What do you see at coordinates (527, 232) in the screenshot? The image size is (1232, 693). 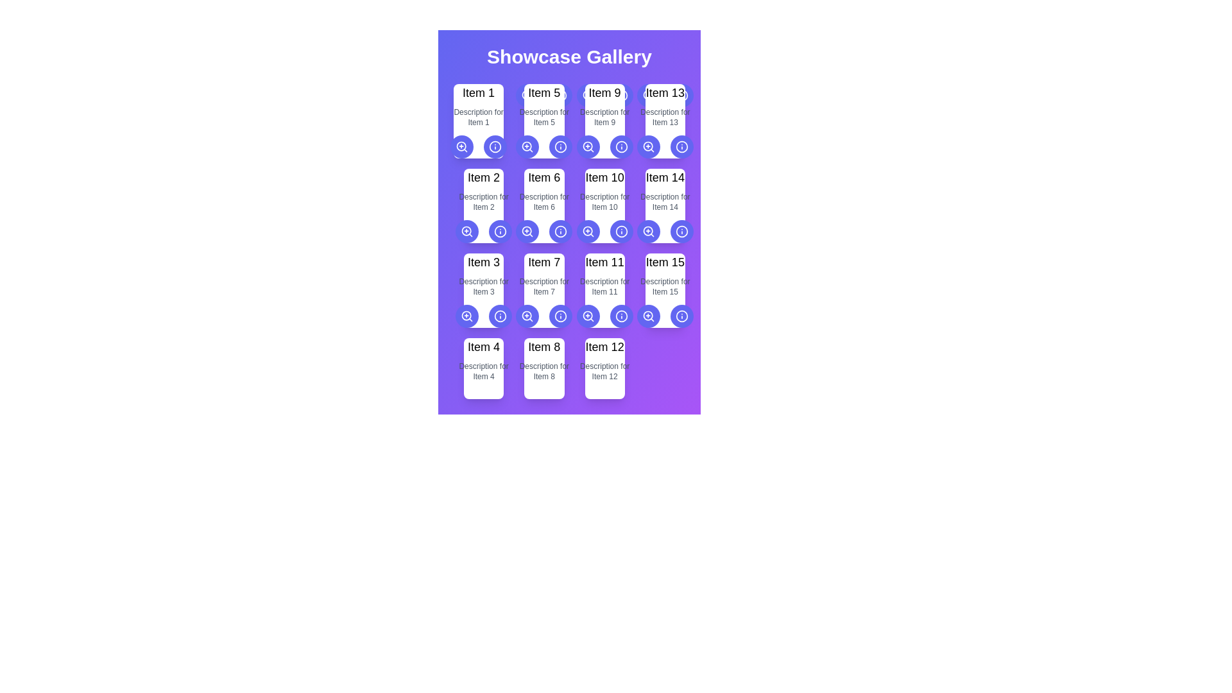 I see `the zoom-in icon represented by a magnifying glass with a cross inside it, which is styled in white with an indigo circular background, located below the card labeled 'Item 6' in the gallery grid` at bounding box center [527, 232].